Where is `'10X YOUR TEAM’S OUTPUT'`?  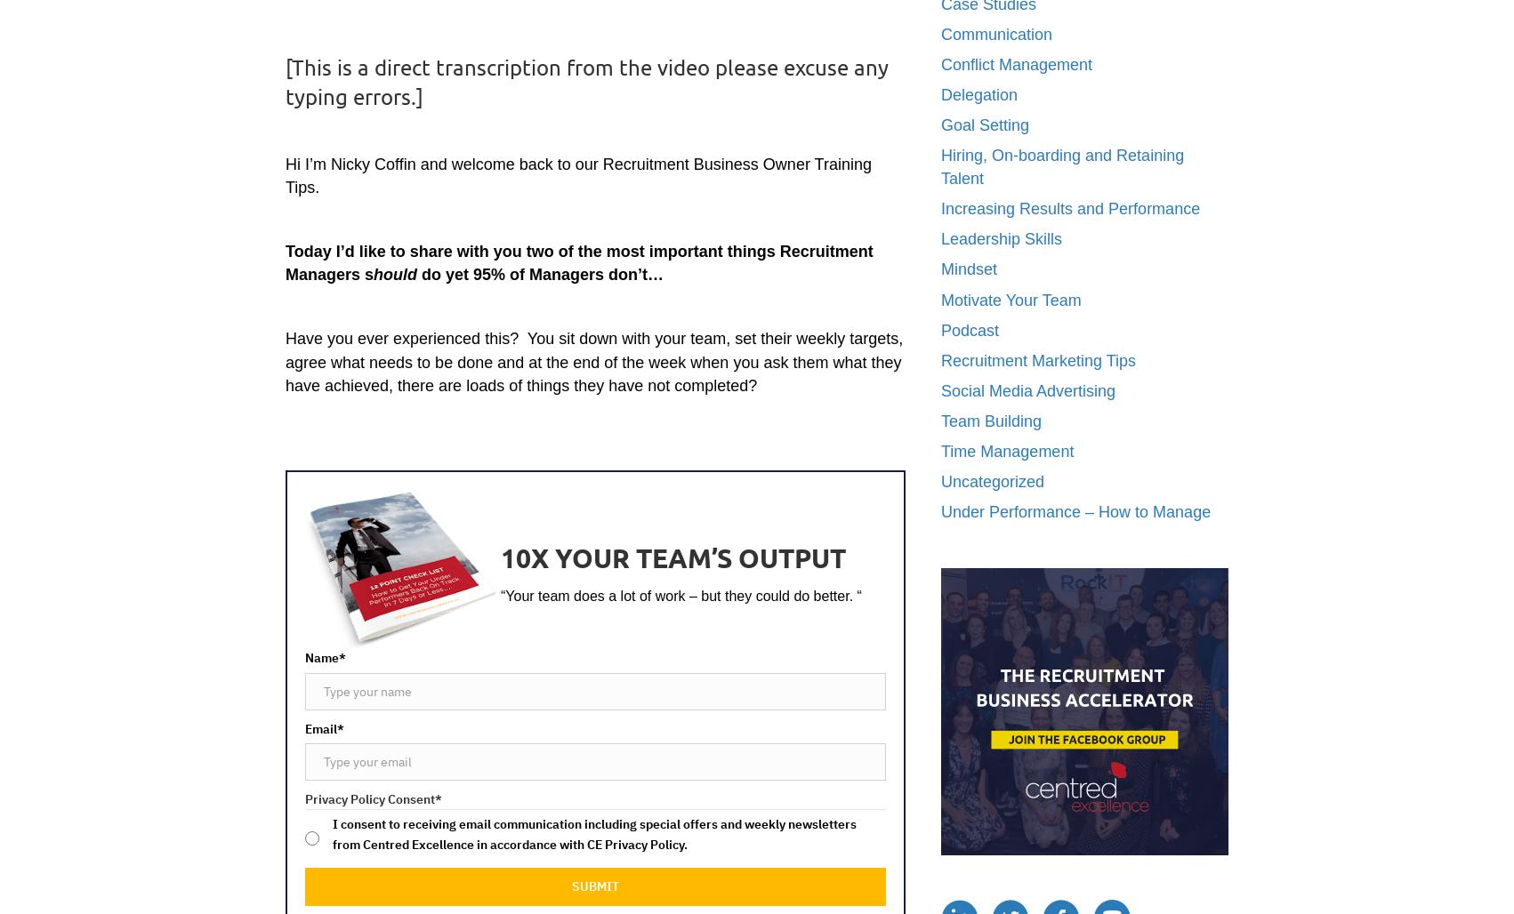
'10X YOUR TEAM’S OUTPUT' is located at coordinates (672, 557).